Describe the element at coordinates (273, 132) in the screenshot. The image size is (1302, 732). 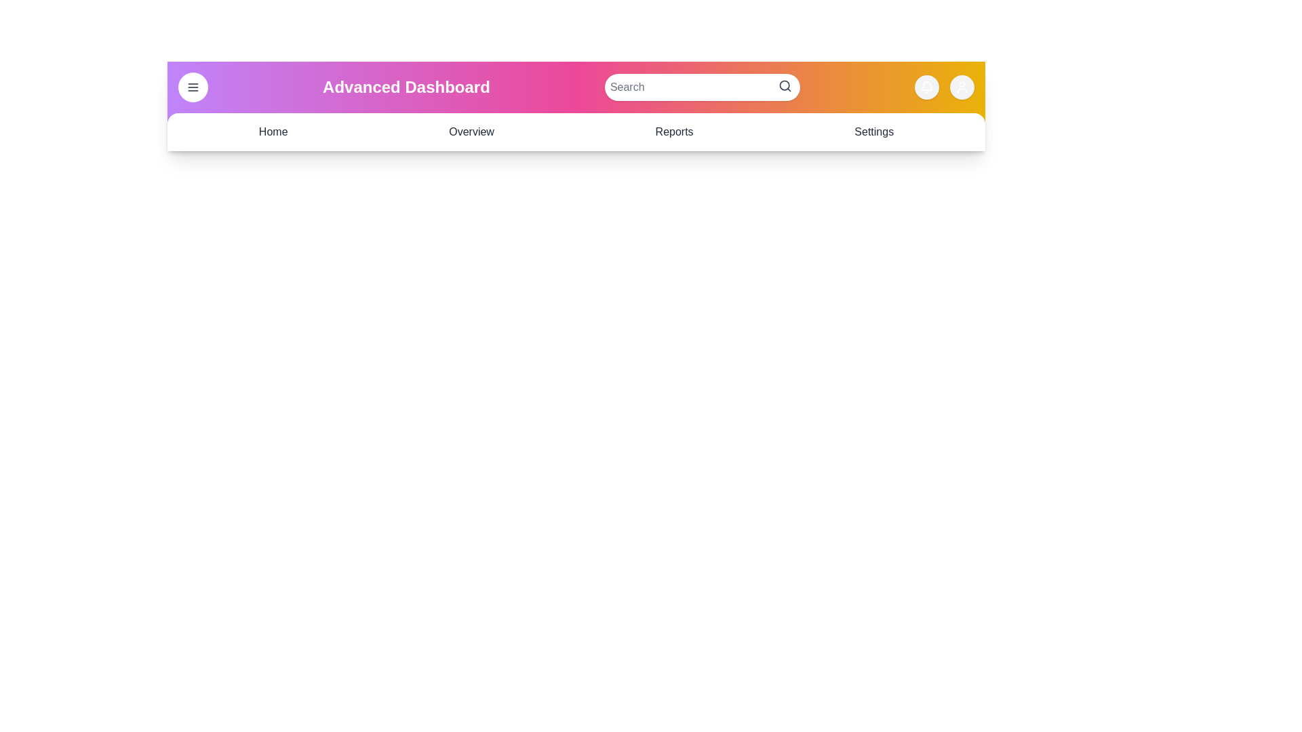
I see `the navigation link Home` at that location.